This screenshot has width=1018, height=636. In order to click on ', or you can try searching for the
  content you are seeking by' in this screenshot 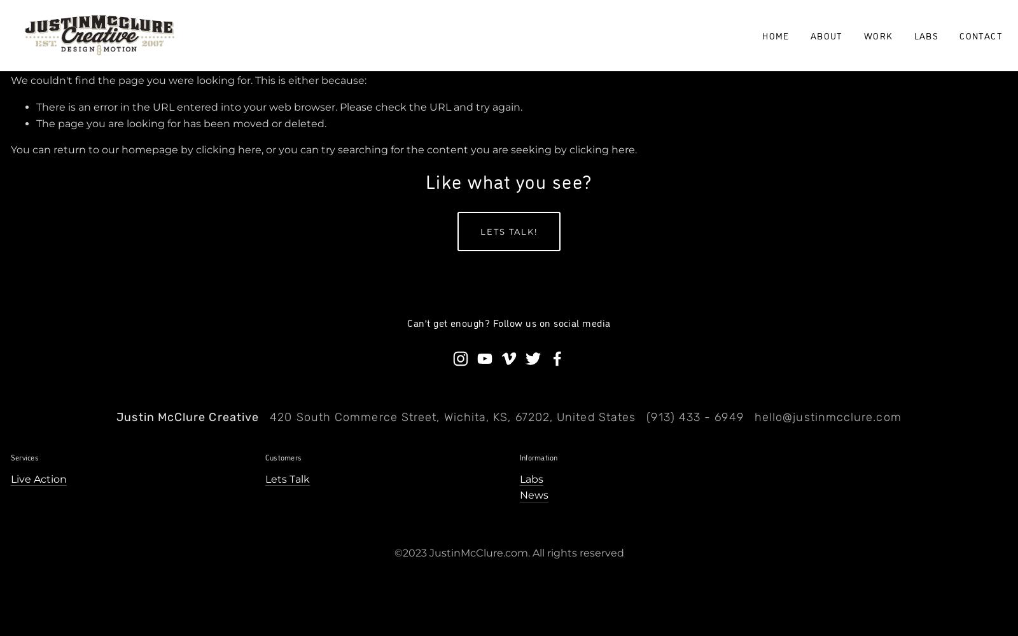, I will do `click(415, 149)`.